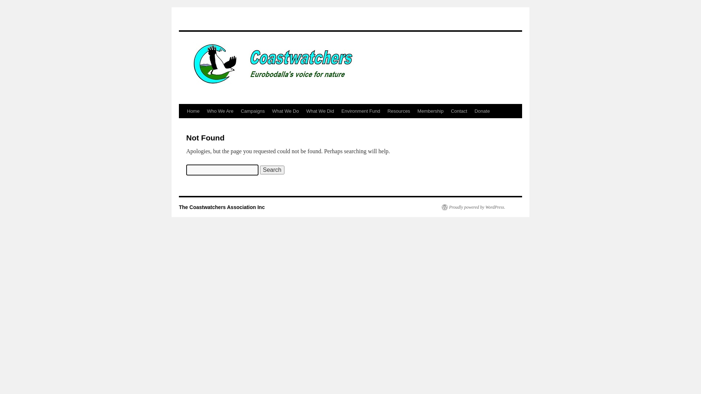 The image size is (701, 394). Describe the element at coordinates (182, 124) in the screenshot. I see `'Skip to content'` at that location.